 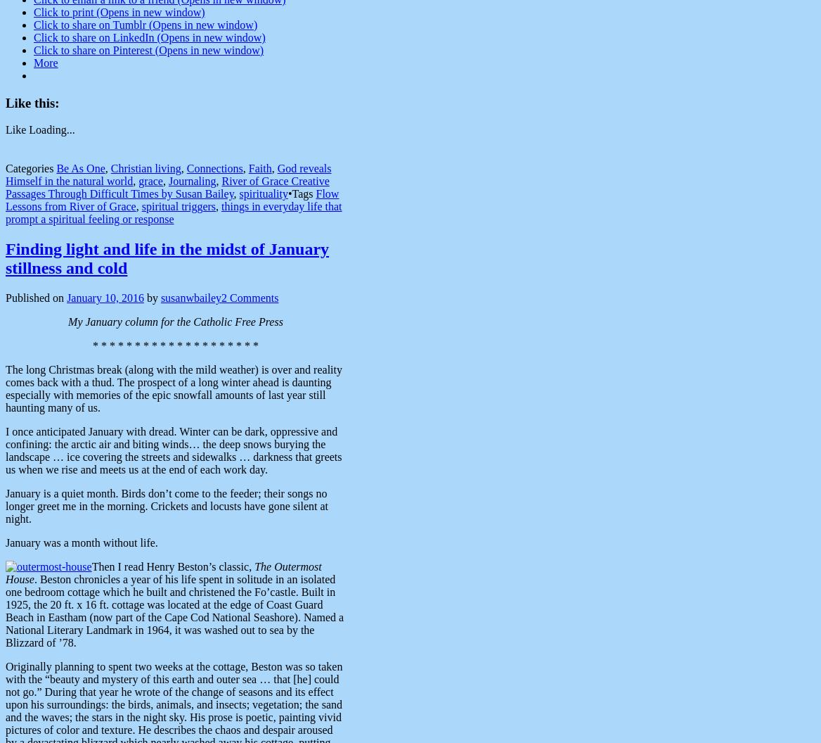 I want to click on 'Click to share on LinkedIn (Opens in new window)', so click(x=34, y=37).